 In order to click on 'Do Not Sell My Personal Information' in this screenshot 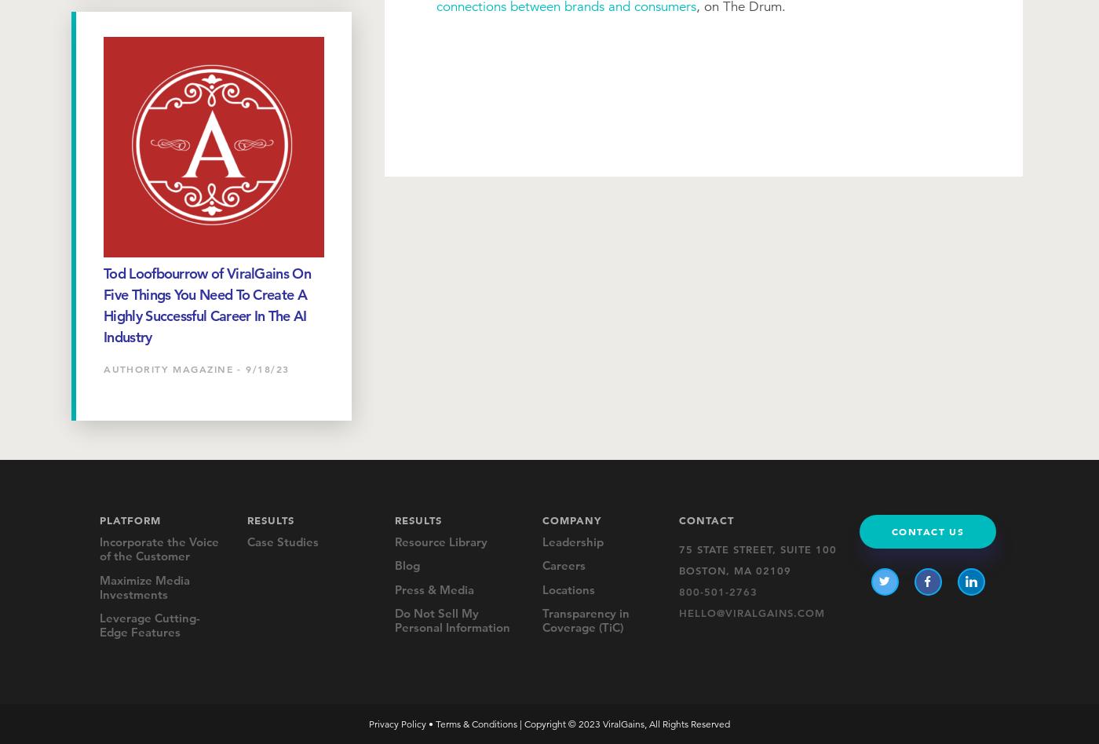, I will do `click(452, 619)`.